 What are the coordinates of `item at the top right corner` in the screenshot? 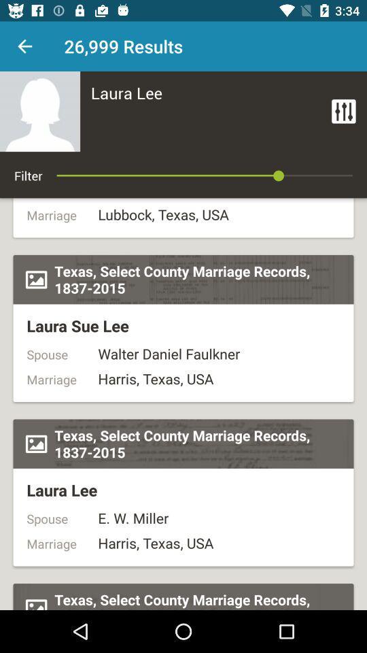 It's located at (343, 110).